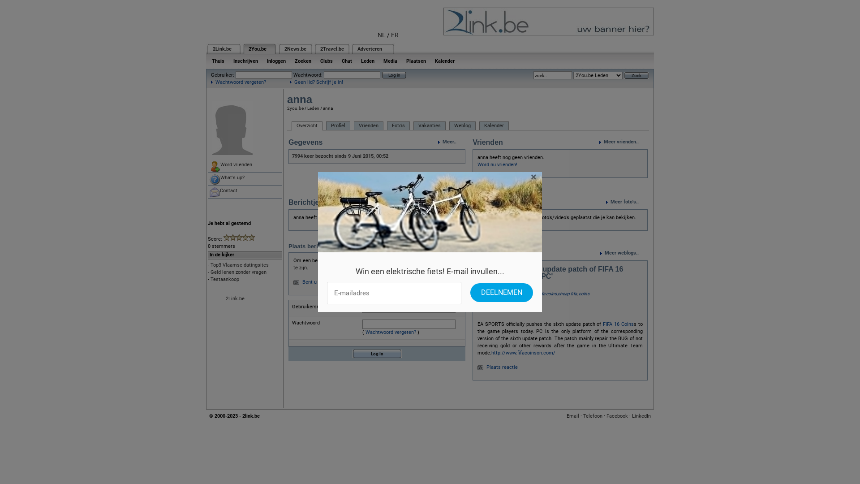 The image size is (860, 484). I want to click on 'Kalender', so click(494, 126).